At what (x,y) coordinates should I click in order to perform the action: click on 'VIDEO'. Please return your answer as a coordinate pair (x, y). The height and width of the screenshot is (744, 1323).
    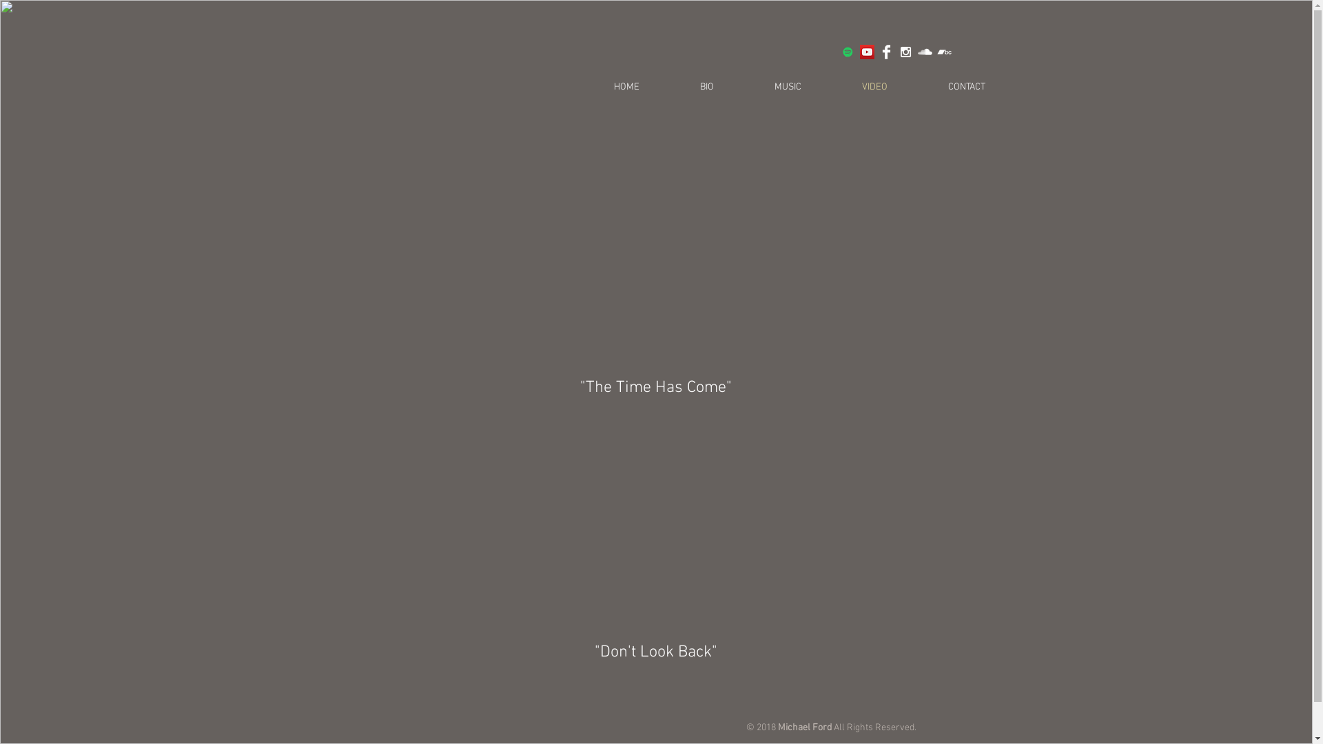
    Looking at the image, I should click on (852, 87).